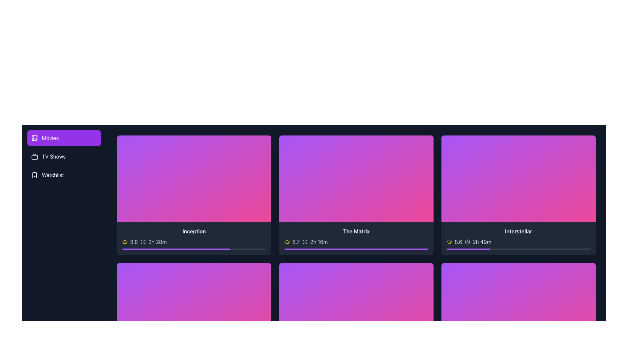 The image size is (633, 356). What do you see at coordinates (467, 242) in the screenshot?
I see `the clock icon, which is a circular outline enclosing a clock face, located in the metadata area of the 'Interstellar' card, between the rating text '8.6' and the duration '2h 49m'` at bounding box center [467, 242].